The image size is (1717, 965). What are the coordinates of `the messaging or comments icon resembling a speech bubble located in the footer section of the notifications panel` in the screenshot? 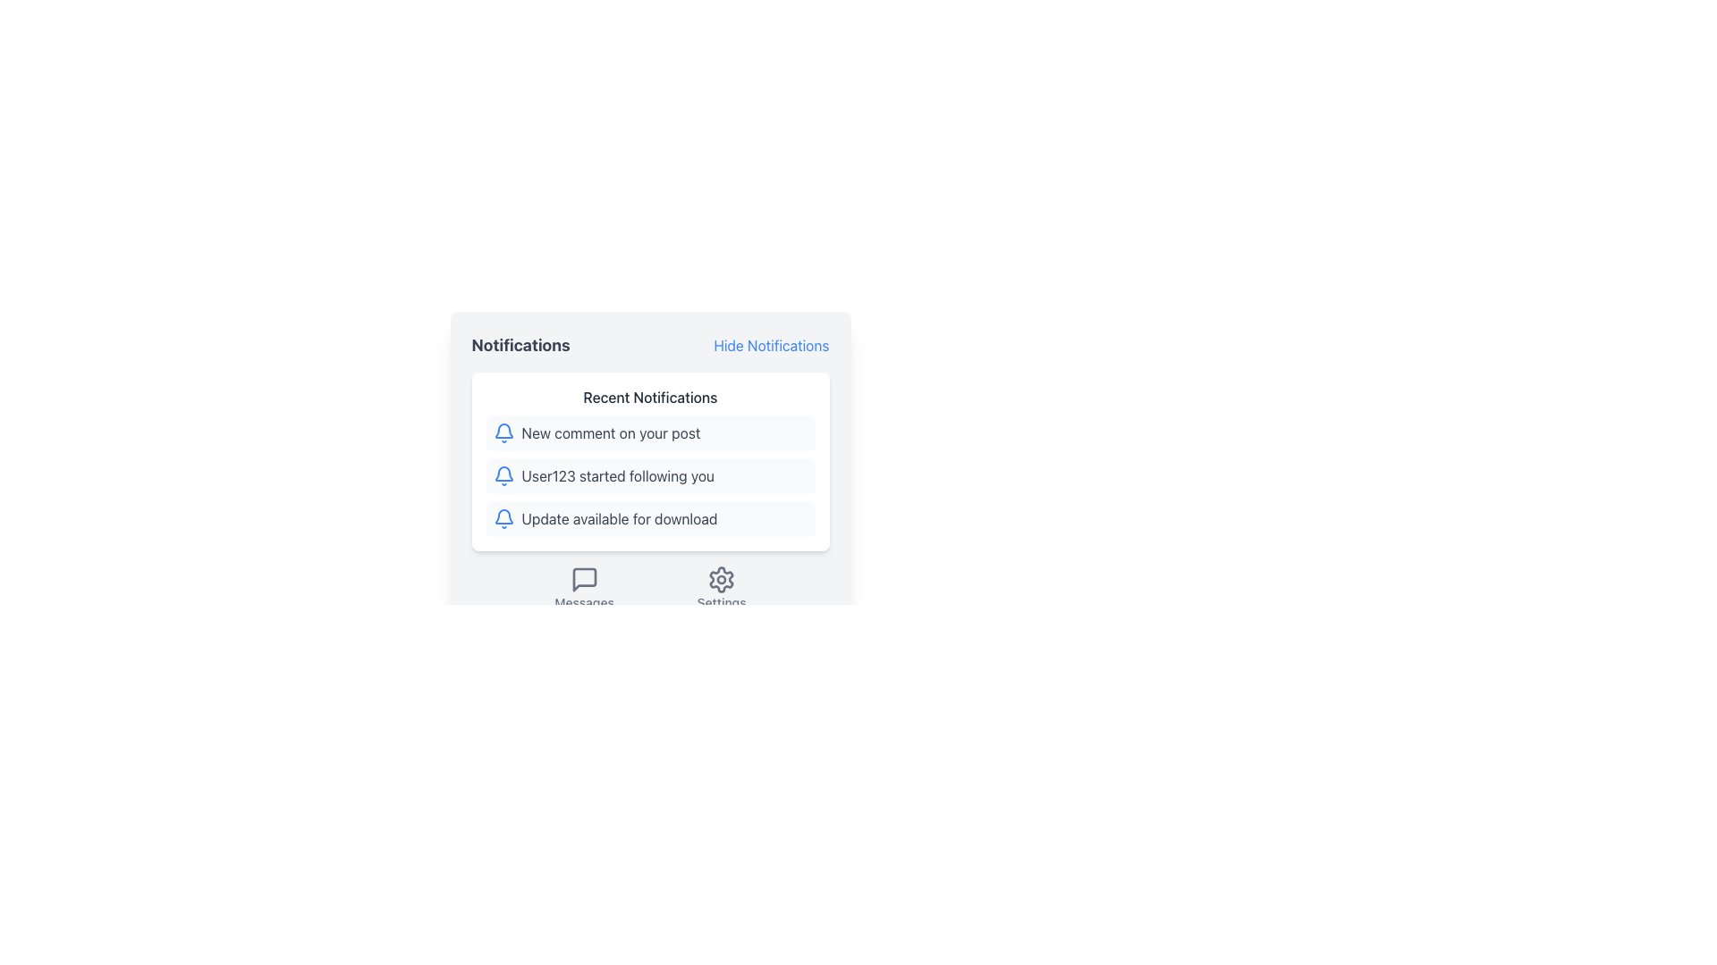 It's located at (584, 579).